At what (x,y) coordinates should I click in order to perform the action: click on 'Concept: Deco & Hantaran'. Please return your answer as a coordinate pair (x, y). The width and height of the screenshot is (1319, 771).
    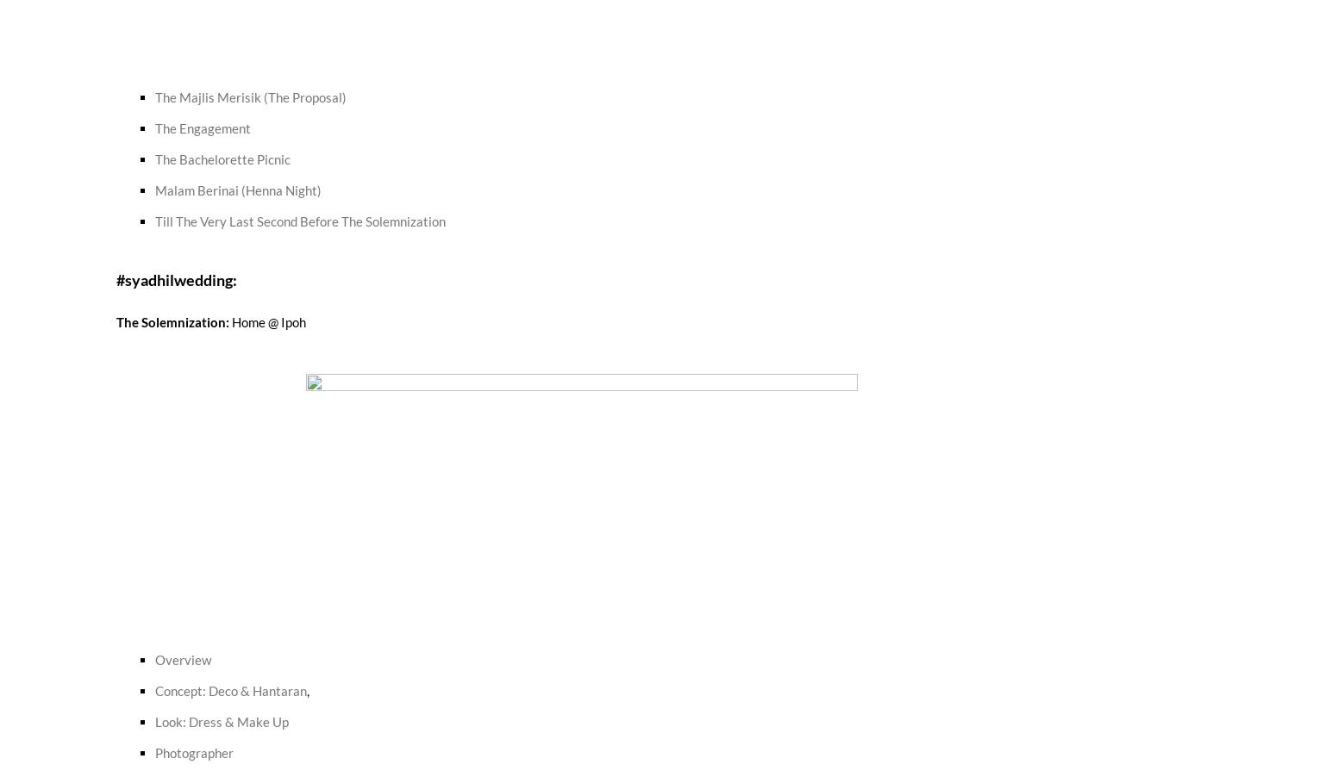
    Looking at the image, I should click on (154, 689).